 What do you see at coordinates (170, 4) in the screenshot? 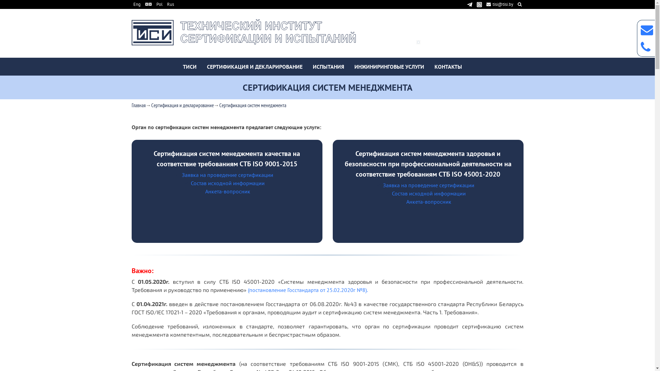
I see `'Rus'` at bounding box center [170, 4].